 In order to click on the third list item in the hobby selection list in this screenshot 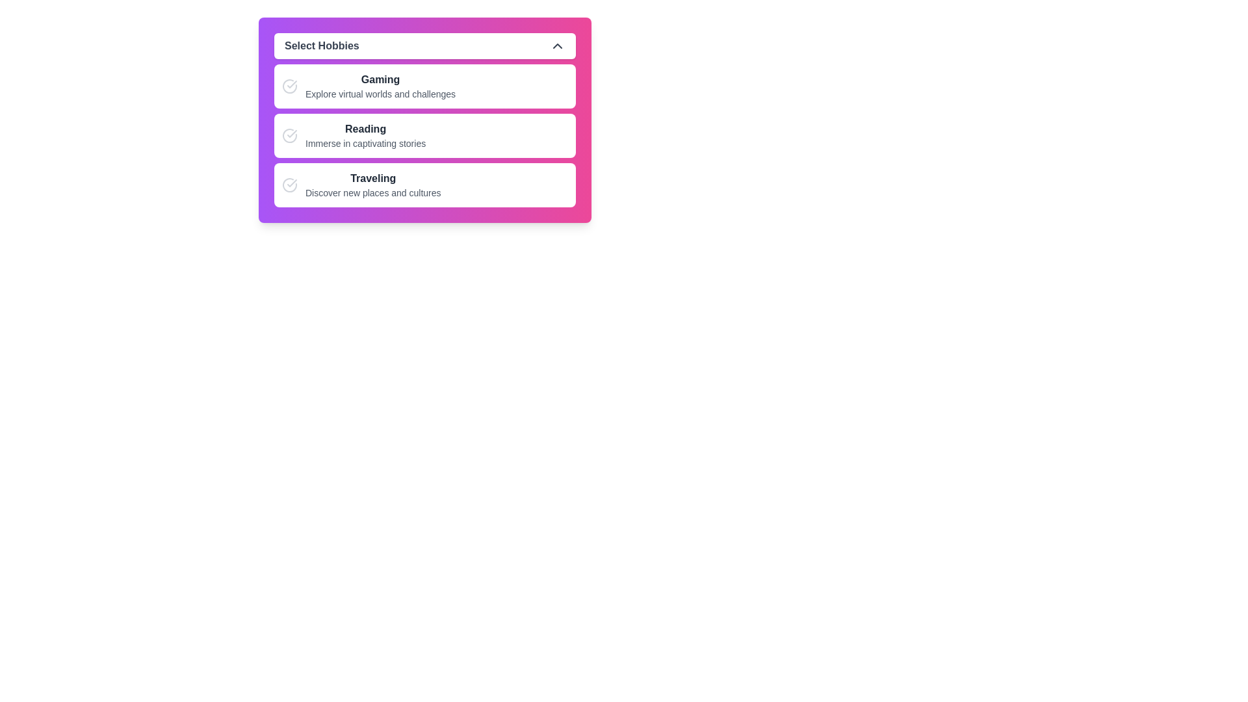, I will do `click(372, 185)`.